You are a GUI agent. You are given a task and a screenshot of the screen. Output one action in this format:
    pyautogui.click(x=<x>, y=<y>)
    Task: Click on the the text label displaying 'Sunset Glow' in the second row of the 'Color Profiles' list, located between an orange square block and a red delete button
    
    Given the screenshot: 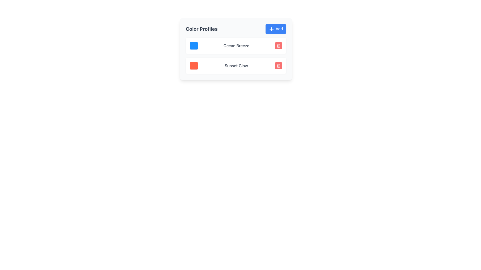 What is the action you would take?
    pyautogui.click(x=236, y=65)
    